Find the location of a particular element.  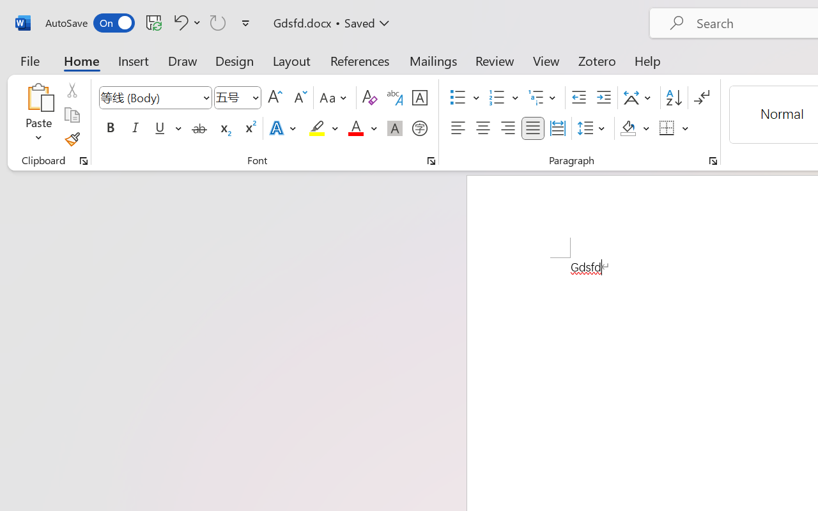

'Shading RGB(0, 0, 0)' is located at coordinates (628, 128).